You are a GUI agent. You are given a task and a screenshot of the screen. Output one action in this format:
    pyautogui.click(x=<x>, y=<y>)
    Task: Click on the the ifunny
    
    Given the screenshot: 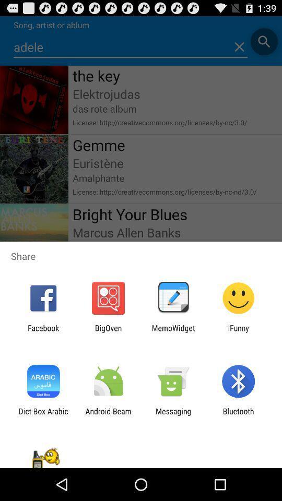 What is the action you would take?
    pyautogui.click(x=238, y=332)
    